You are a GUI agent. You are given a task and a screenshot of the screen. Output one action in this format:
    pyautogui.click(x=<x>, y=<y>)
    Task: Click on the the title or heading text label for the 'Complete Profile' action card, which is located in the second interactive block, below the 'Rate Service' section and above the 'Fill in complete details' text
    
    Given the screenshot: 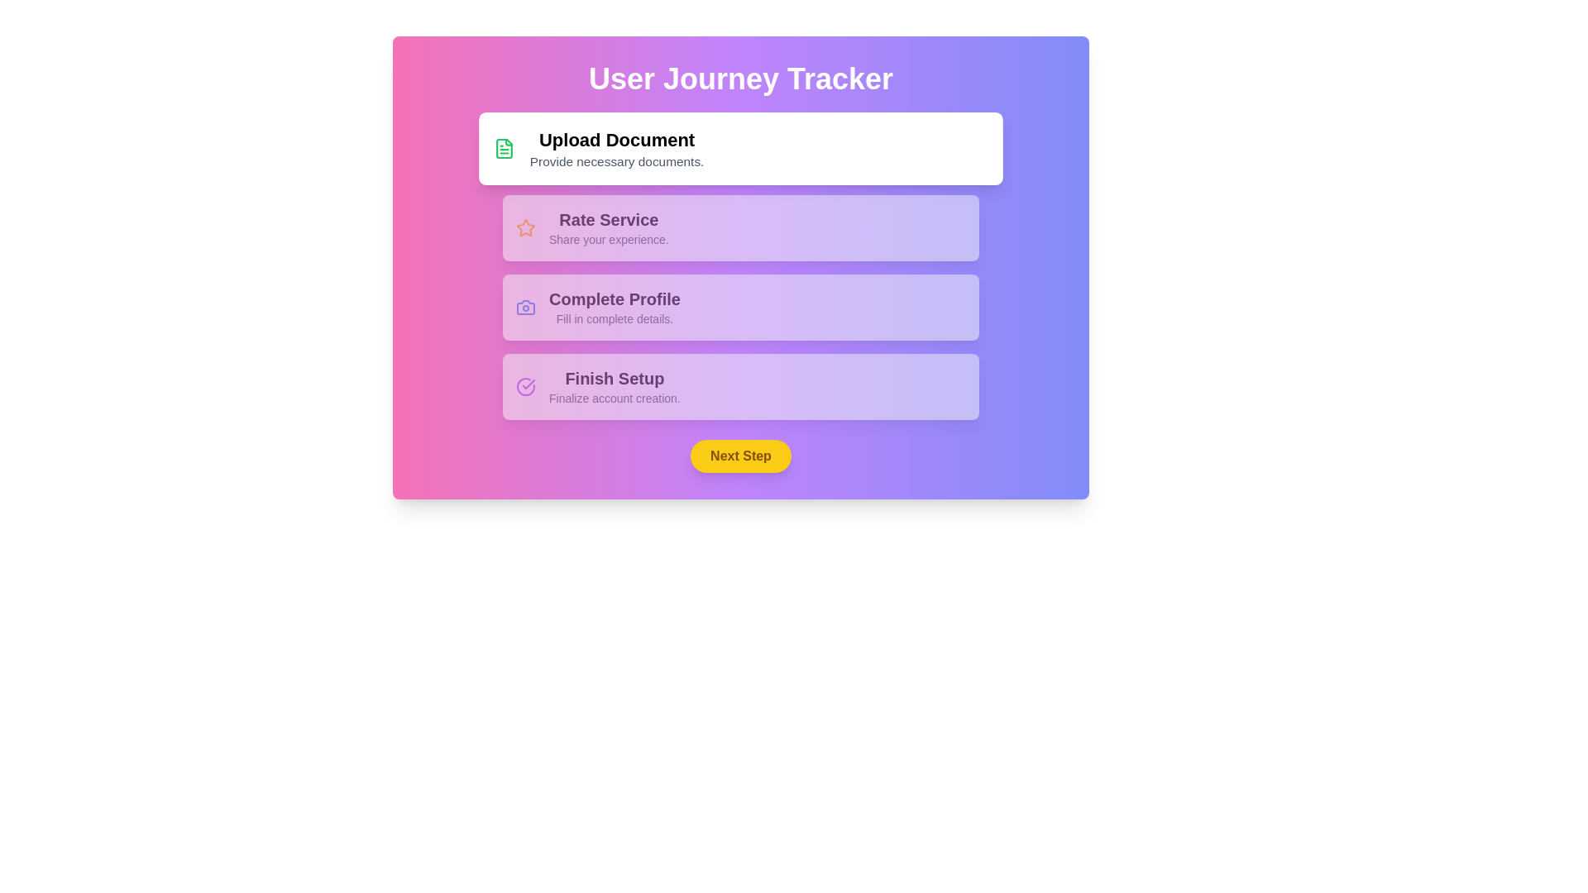 What is the action you would take?
    pyautogui.click(x=614, y=299)
    